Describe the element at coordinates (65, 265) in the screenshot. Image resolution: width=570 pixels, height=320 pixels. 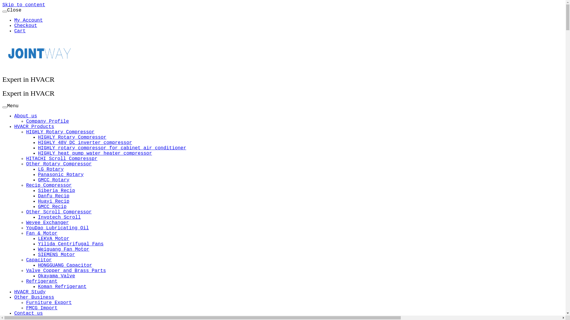
I see `'HONGGUANG Capacitor'` at that location.